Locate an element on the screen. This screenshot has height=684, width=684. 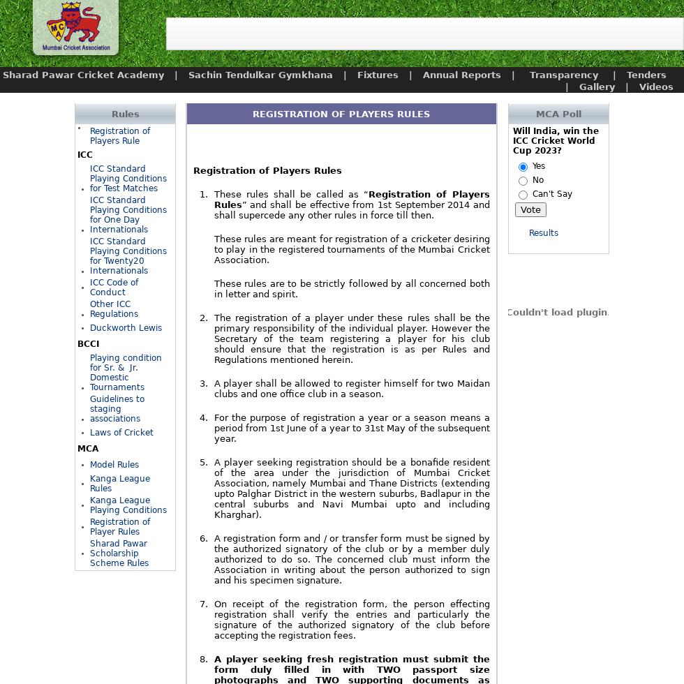
'1.' is located at coordinates (198, 194).